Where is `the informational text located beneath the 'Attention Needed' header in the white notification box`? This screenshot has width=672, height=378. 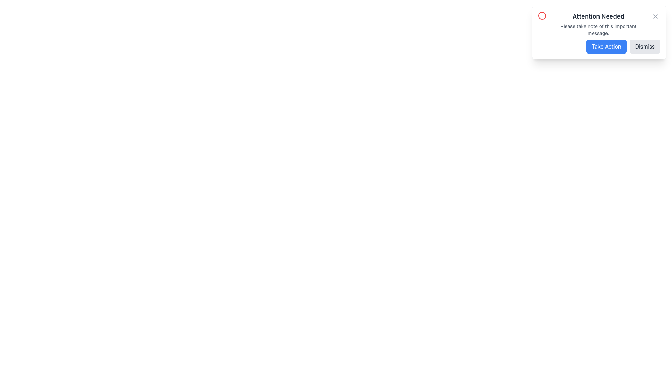
the informational text located beneath the 'Attention Needed' header in the white notification box is located at coordinates (598, 29).